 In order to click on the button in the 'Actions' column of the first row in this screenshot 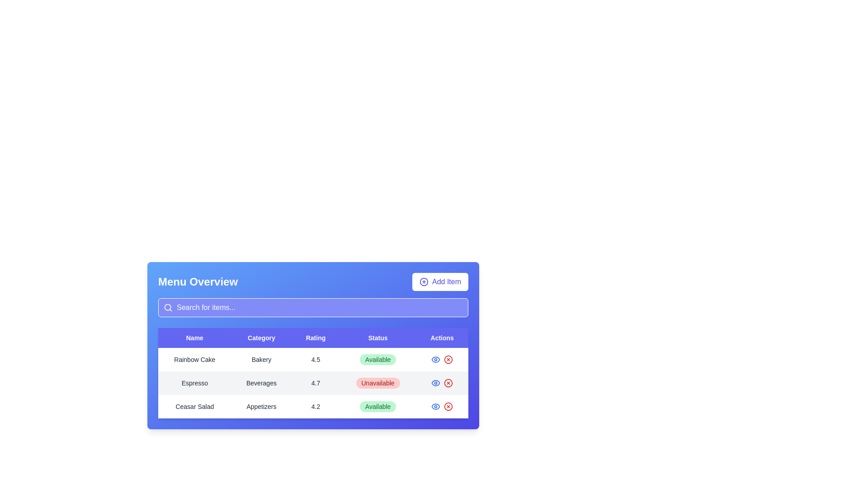, I will do `click(448, 359)`.